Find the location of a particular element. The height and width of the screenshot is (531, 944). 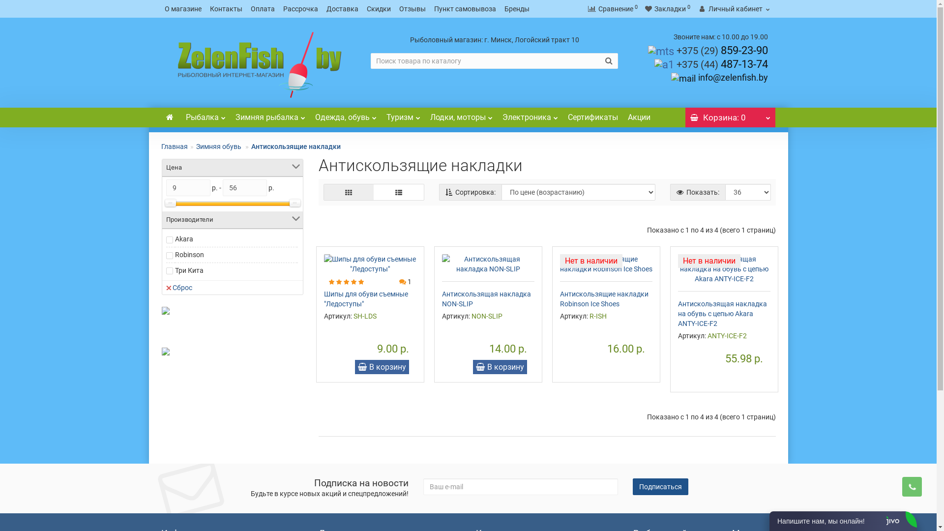

'Robinson' is located at coordinates (189, 254).